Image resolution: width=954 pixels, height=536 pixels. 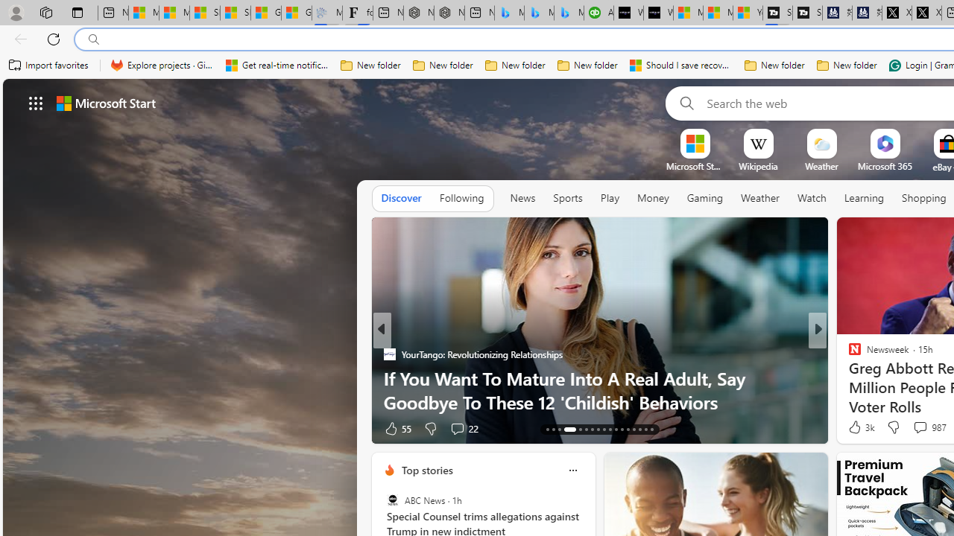 I want to click on 'AutomationID: tab-16', so click(x=564, y=430).